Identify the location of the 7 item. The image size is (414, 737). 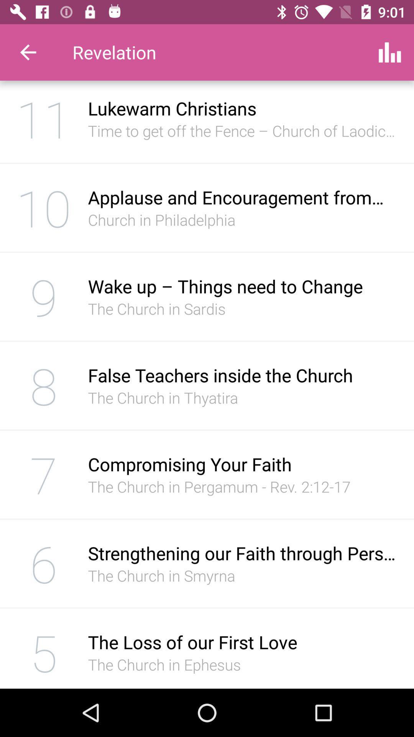
(44, 474).